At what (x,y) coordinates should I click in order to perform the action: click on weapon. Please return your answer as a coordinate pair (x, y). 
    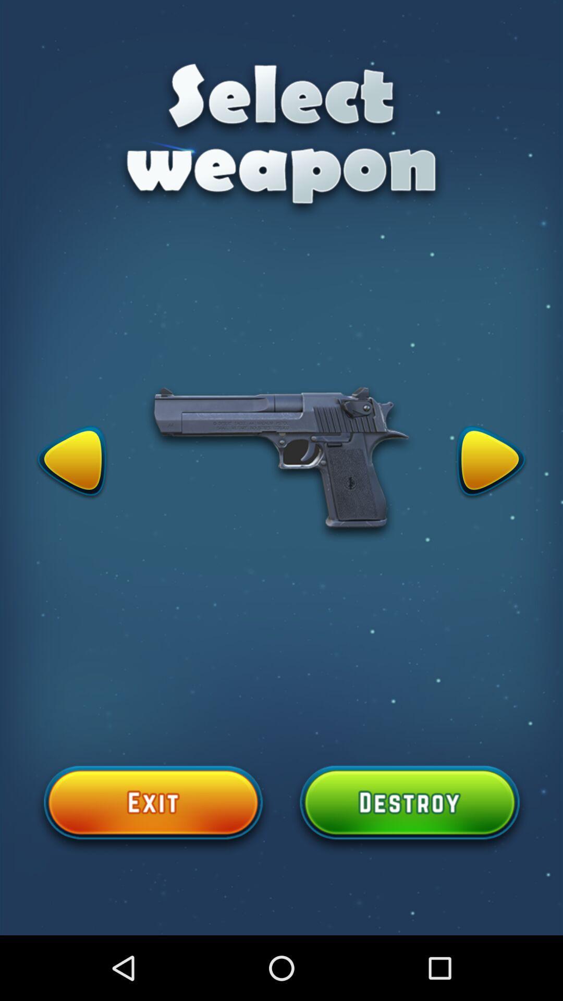
    Looking at the image, I should click on (71, 462).